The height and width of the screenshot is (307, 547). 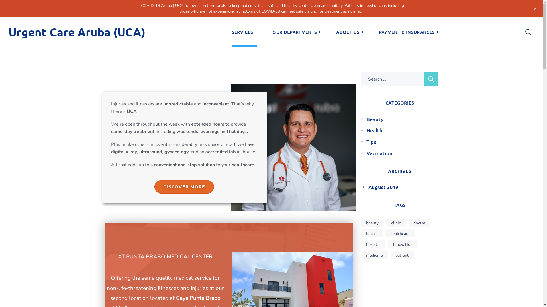 I want to click on 'clinic', so click(x=396, y=222).